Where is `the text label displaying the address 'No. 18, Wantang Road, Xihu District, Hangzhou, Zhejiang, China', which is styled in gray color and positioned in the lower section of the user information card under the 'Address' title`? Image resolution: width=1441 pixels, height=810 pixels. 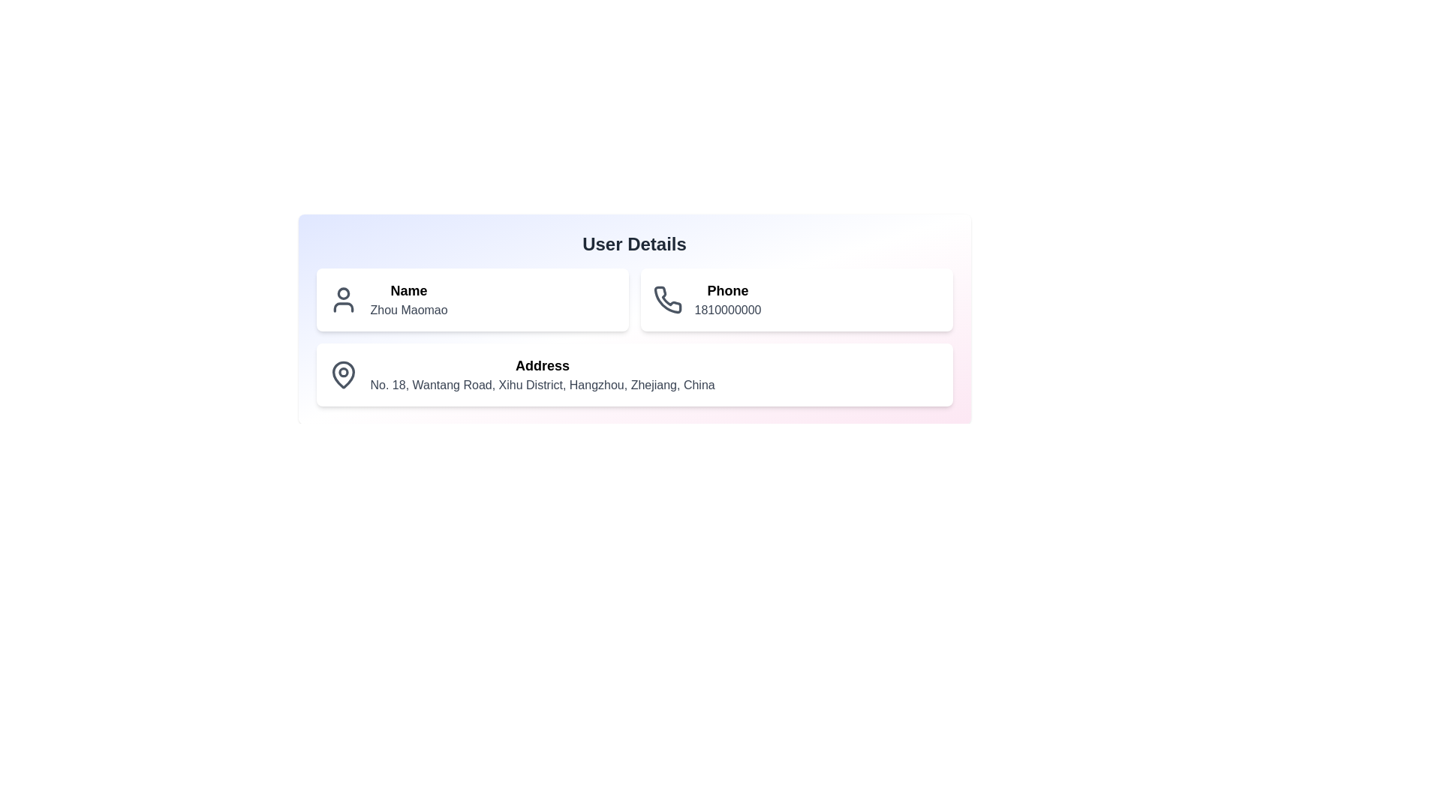 the text label displaying the address 'No. 18, Wantang Road, Xihu District, Hangzhou, Zhejiang, China', which is styled in gray color and positioned in the lower section of the user information card under the 'Address' title is located at coordinates (542, 384).